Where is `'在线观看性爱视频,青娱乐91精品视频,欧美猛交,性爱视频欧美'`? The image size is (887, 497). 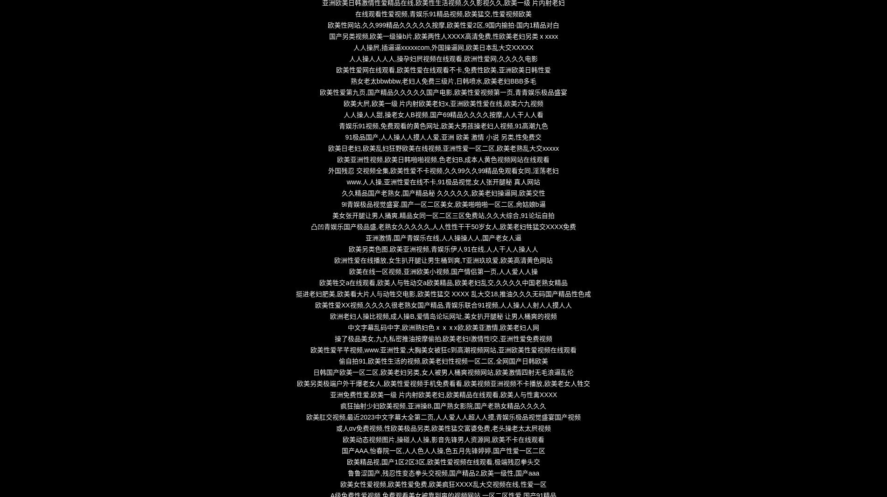
'在线观看性爱视频,青娱乐91精品视频,欧美猛交,性爱视频欧美' is located at coordinates (443, 14).